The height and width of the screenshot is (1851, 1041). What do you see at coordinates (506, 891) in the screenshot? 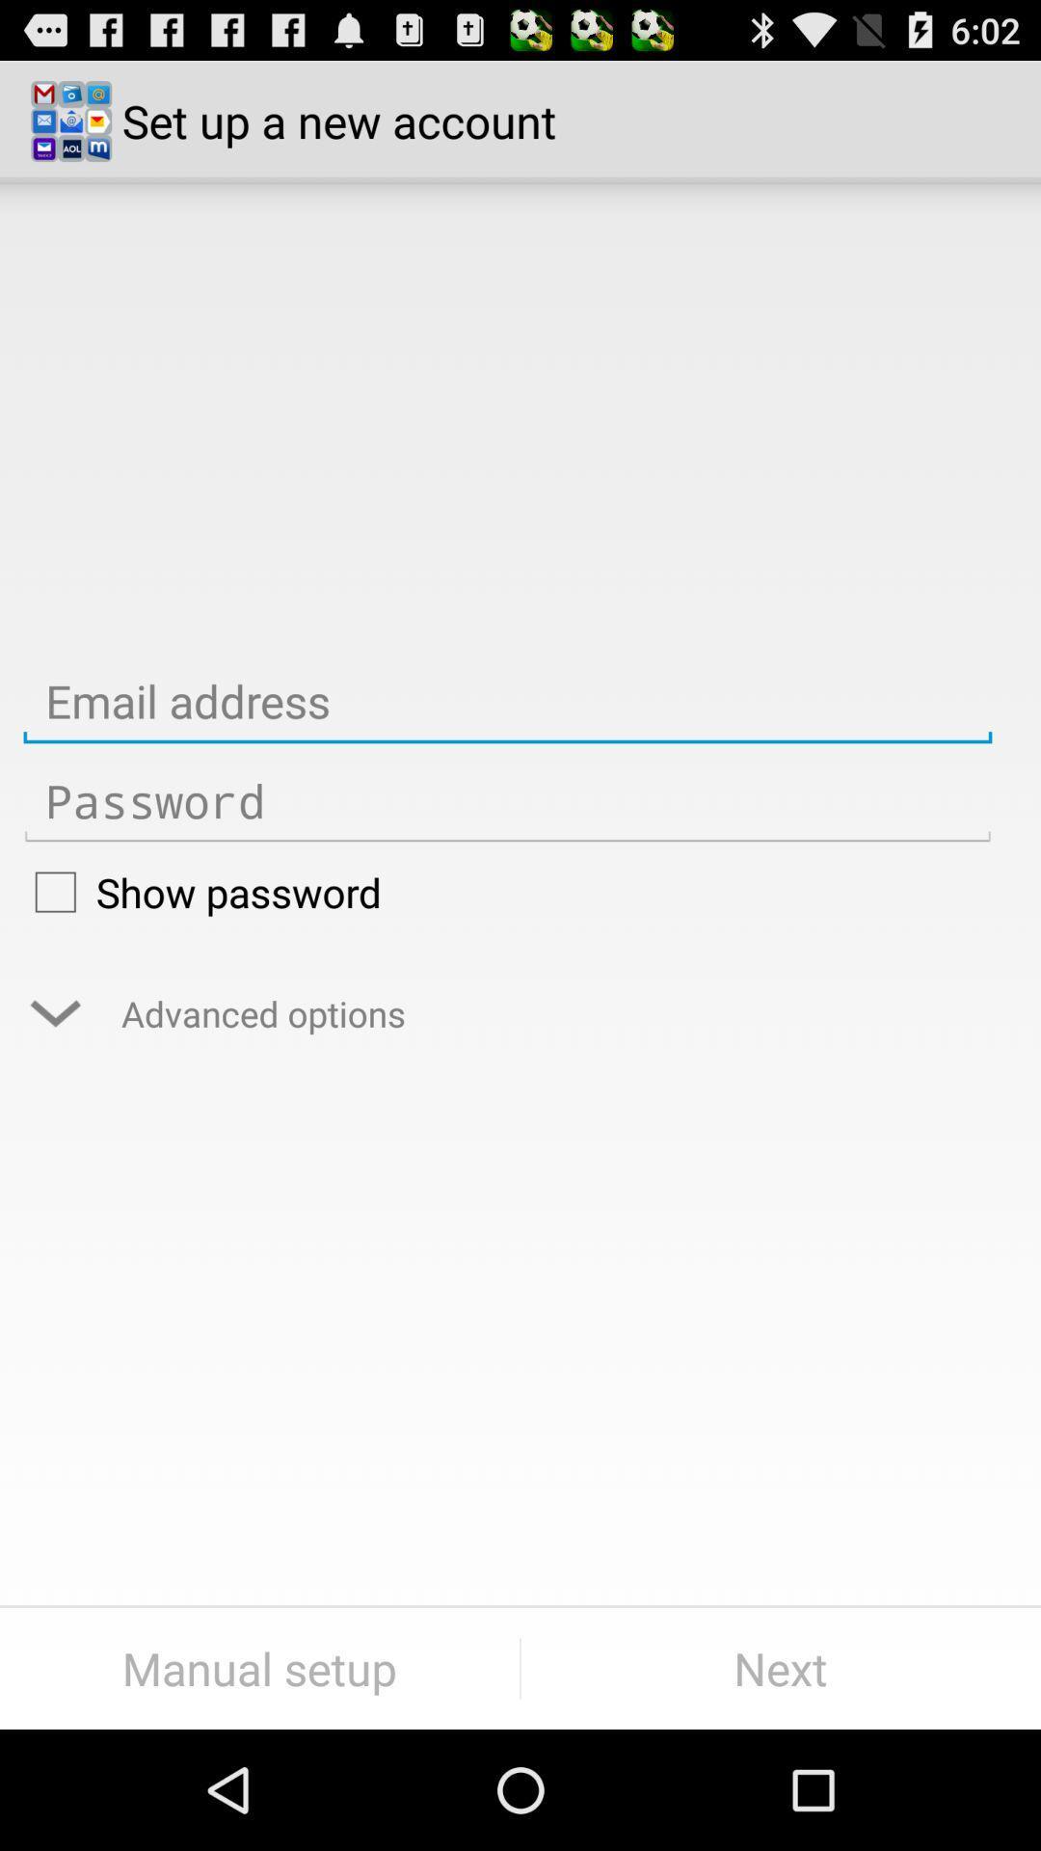
I see `the show password icon` at bounding box center [506, 891].